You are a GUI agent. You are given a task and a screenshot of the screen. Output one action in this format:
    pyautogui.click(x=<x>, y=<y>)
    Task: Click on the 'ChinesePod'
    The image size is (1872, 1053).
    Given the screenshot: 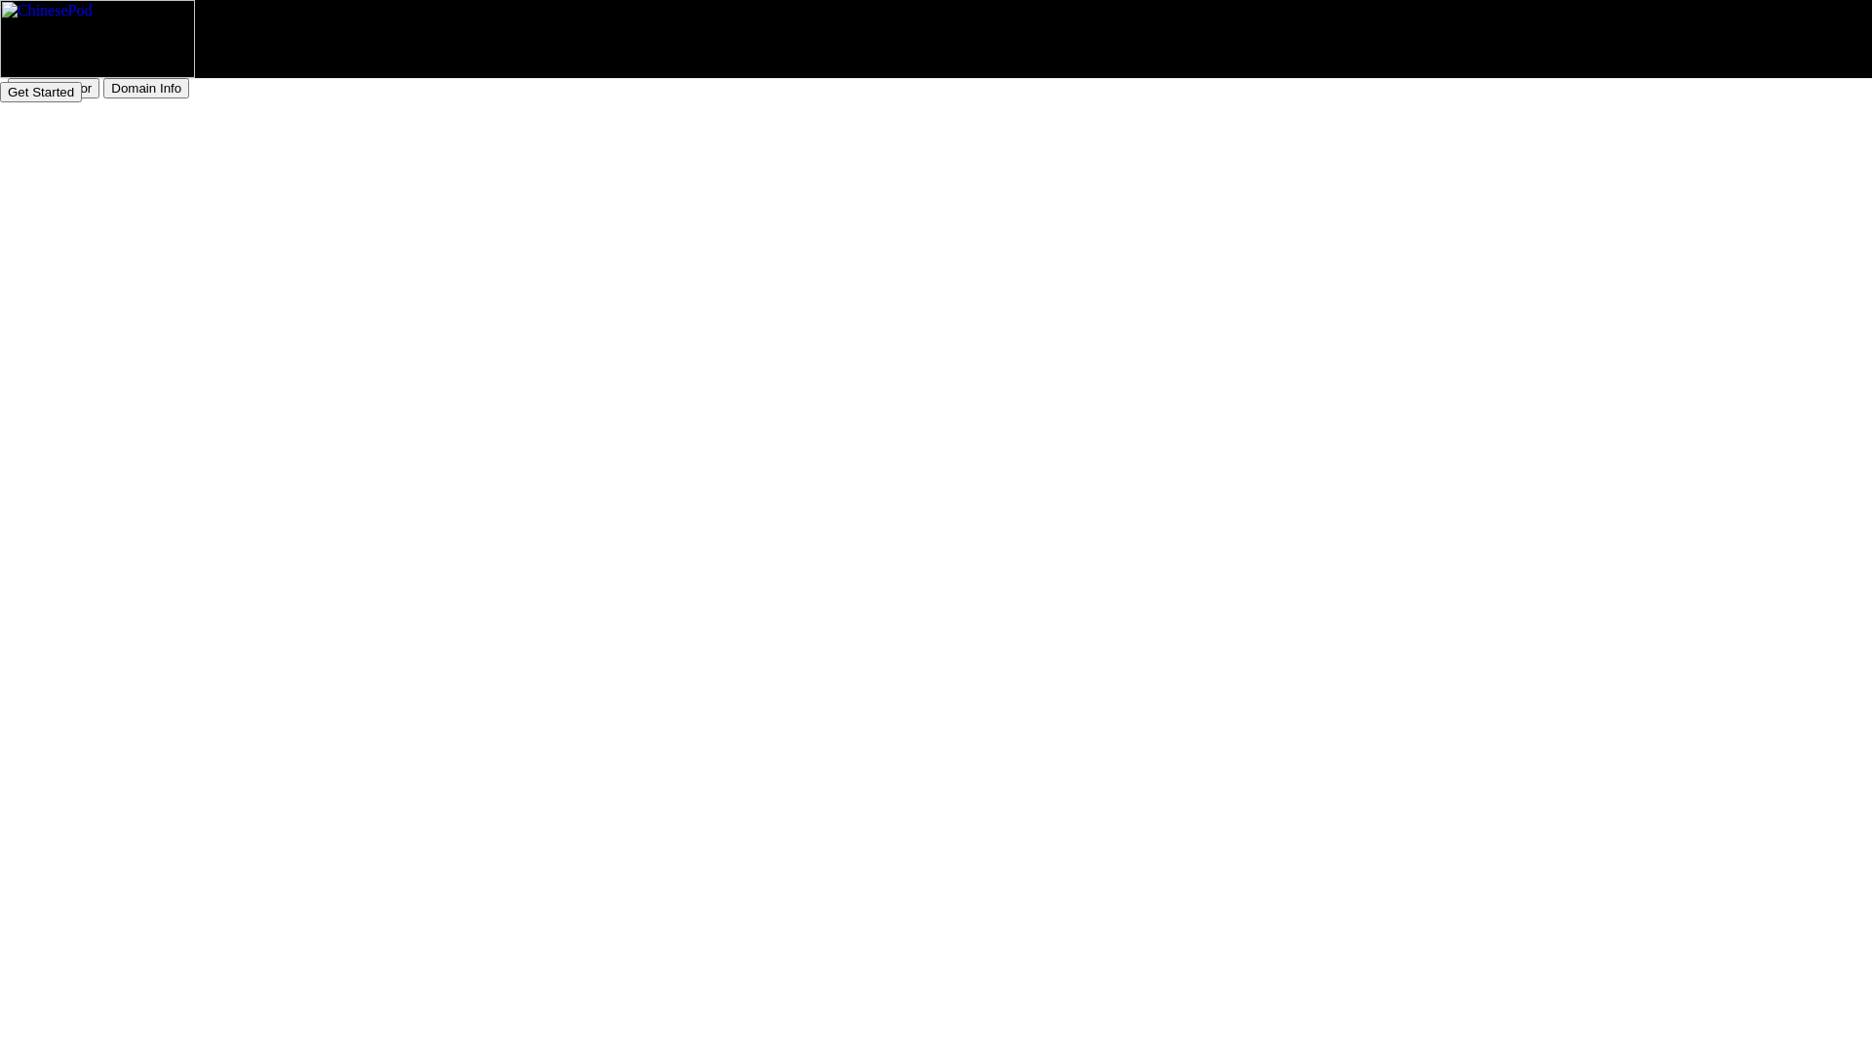 What is the action you would take?
    pyautogui.click(x=97, y=38)
    